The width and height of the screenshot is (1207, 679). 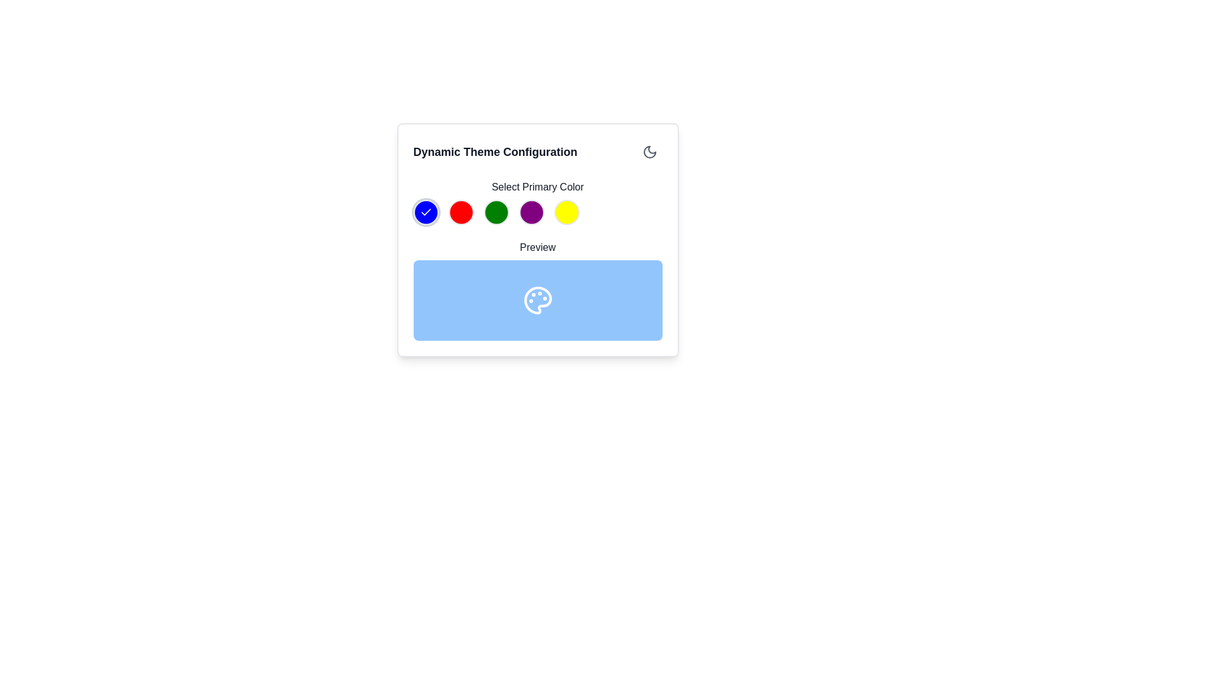 I want to click on the 'Preview' text label, which is centered below the 'Select Primary Color' label and above a blue box, so click(x=537, y=247).